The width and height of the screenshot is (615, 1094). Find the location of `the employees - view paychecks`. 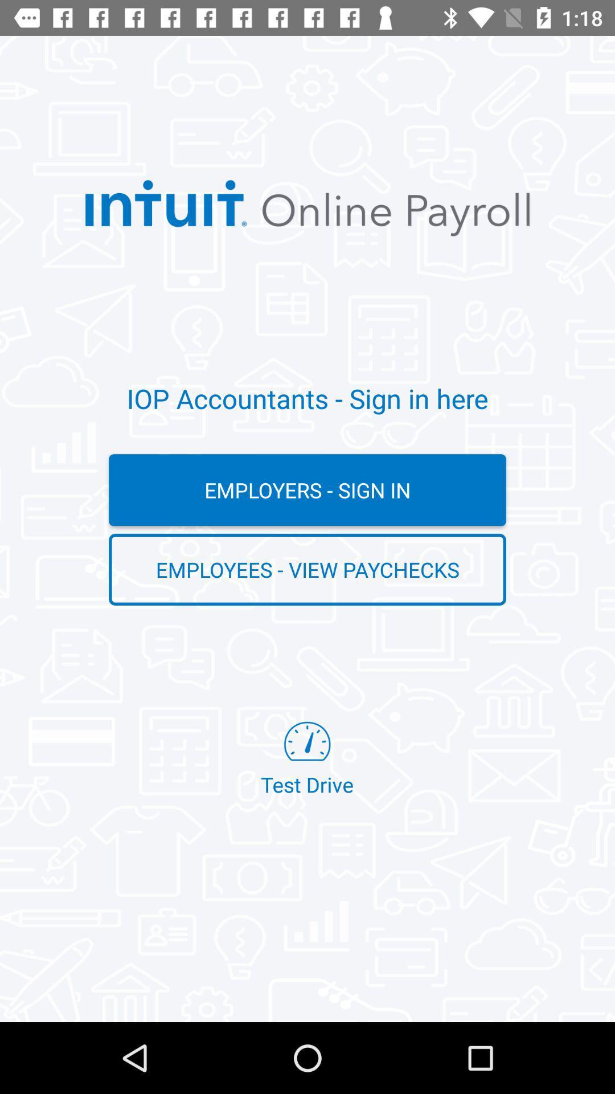

the employees - view paychecks is located at coordinates (307, 569).